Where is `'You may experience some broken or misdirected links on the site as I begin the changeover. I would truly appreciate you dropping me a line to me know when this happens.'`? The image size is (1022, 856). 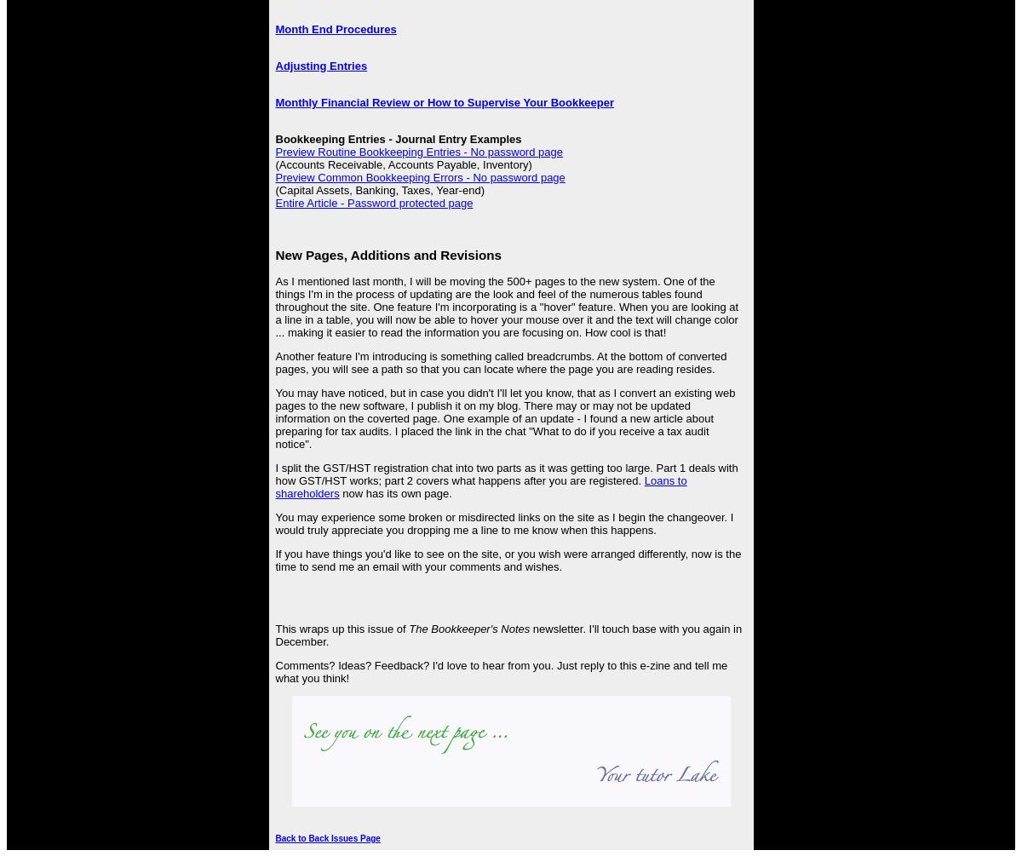
'You may experience some broken or misdirected links on the site as I begin the changeover. I would truly appreciate you dropping me a line to me know when this happens.' is located at coordinates (275, 522).